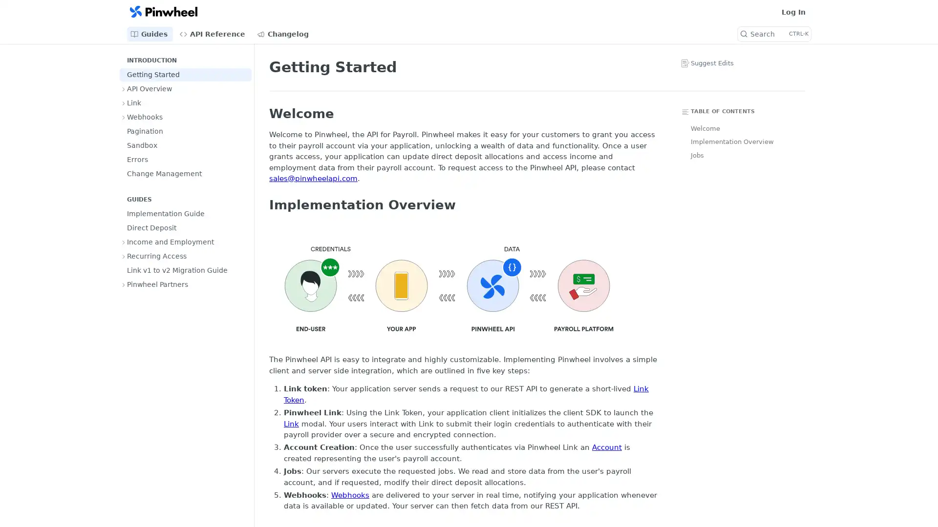 Image resolution: width=938 pixels, height=527 pixels. I want to click on Platform Overview, so click(448, 287).